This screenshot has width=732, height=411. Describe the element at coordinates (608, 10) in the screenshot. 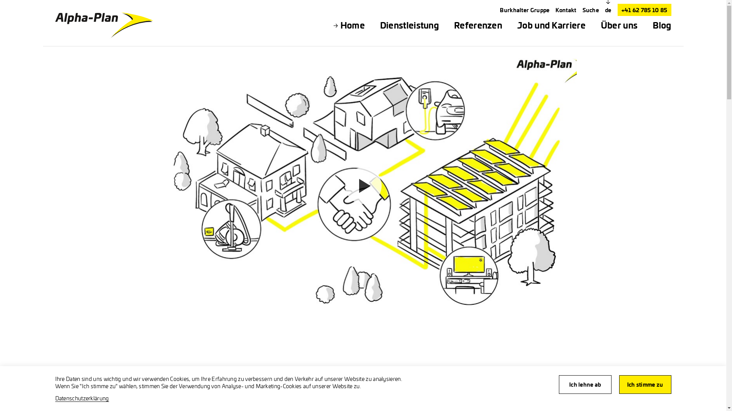

I see `'de'` at that location.